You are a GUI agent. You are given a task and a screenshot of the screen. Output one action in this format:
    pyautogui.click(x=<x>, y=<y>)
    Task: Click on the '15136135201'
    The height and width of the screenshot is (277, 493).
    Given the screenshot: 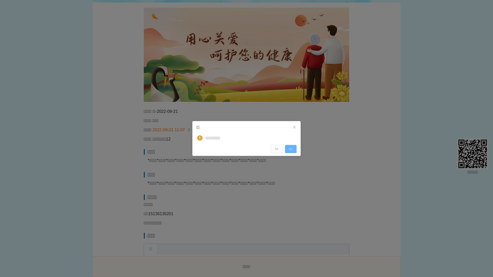 What is the action you would take?
    pyautogui.click(x=161, y=214)
    